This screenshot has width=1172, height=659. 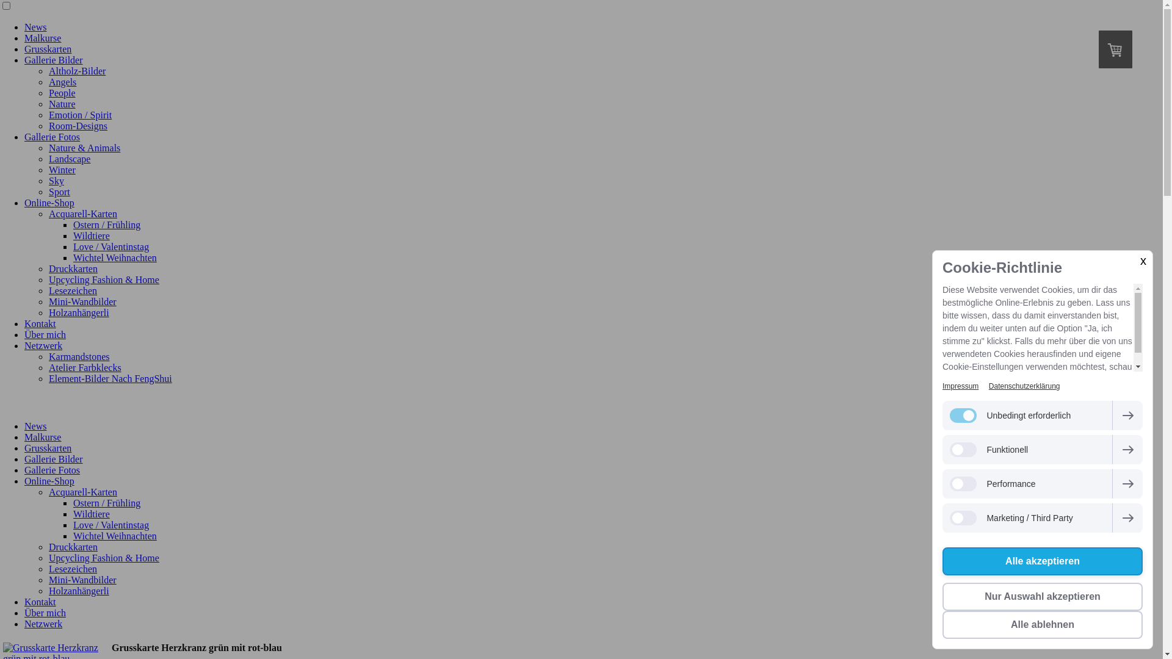 What do you see at coordinates (76, 71) in the screenshot?
I see `'Altholz-Bilder'` at bounding box center [76, 71].